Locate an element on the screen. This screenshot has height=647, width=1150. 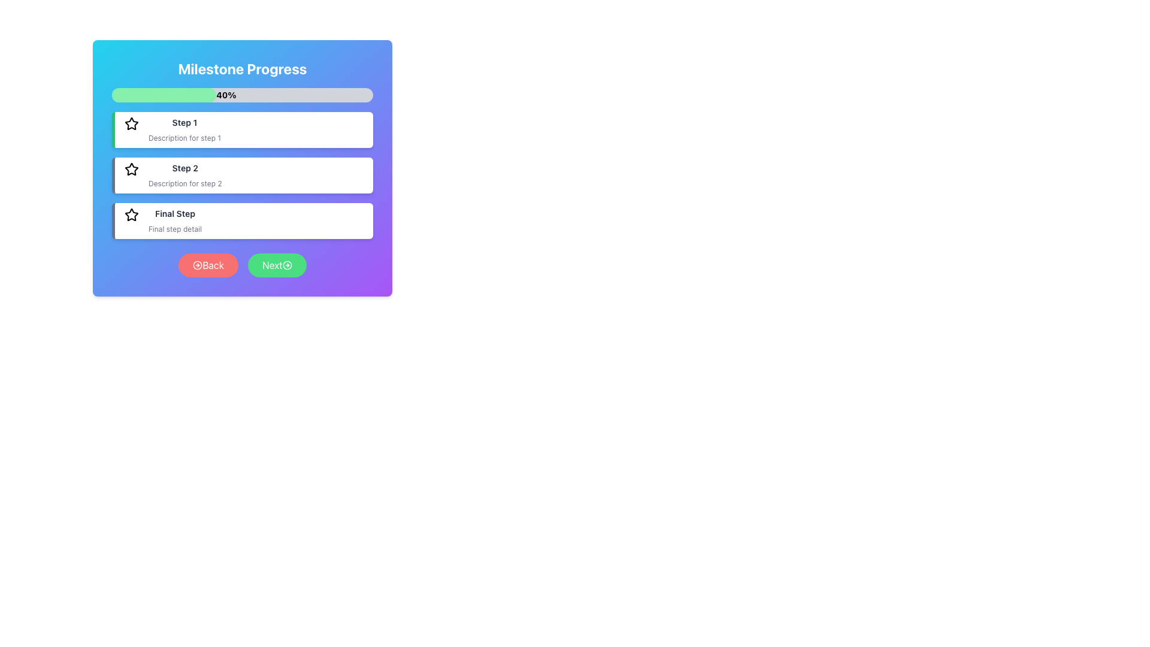
the text label displaying '40%' which is styled in bold black font and is positioned at the 40% mark of the progress bar is located at coordinates (226, 94).